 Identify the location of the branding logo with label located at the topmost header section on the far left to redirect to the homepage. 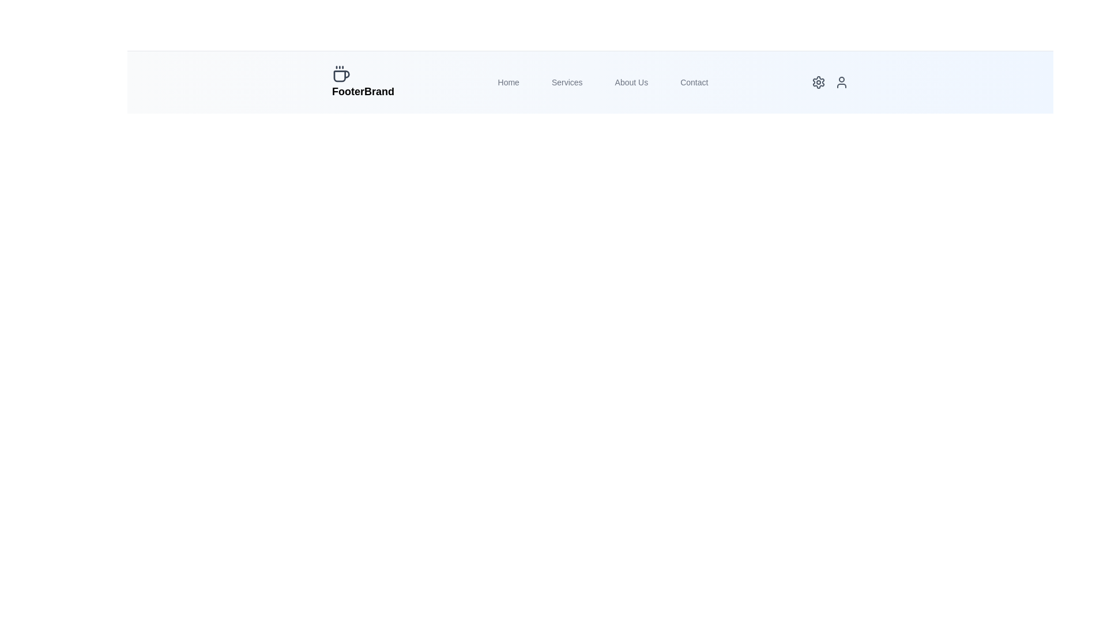
(362, 81).